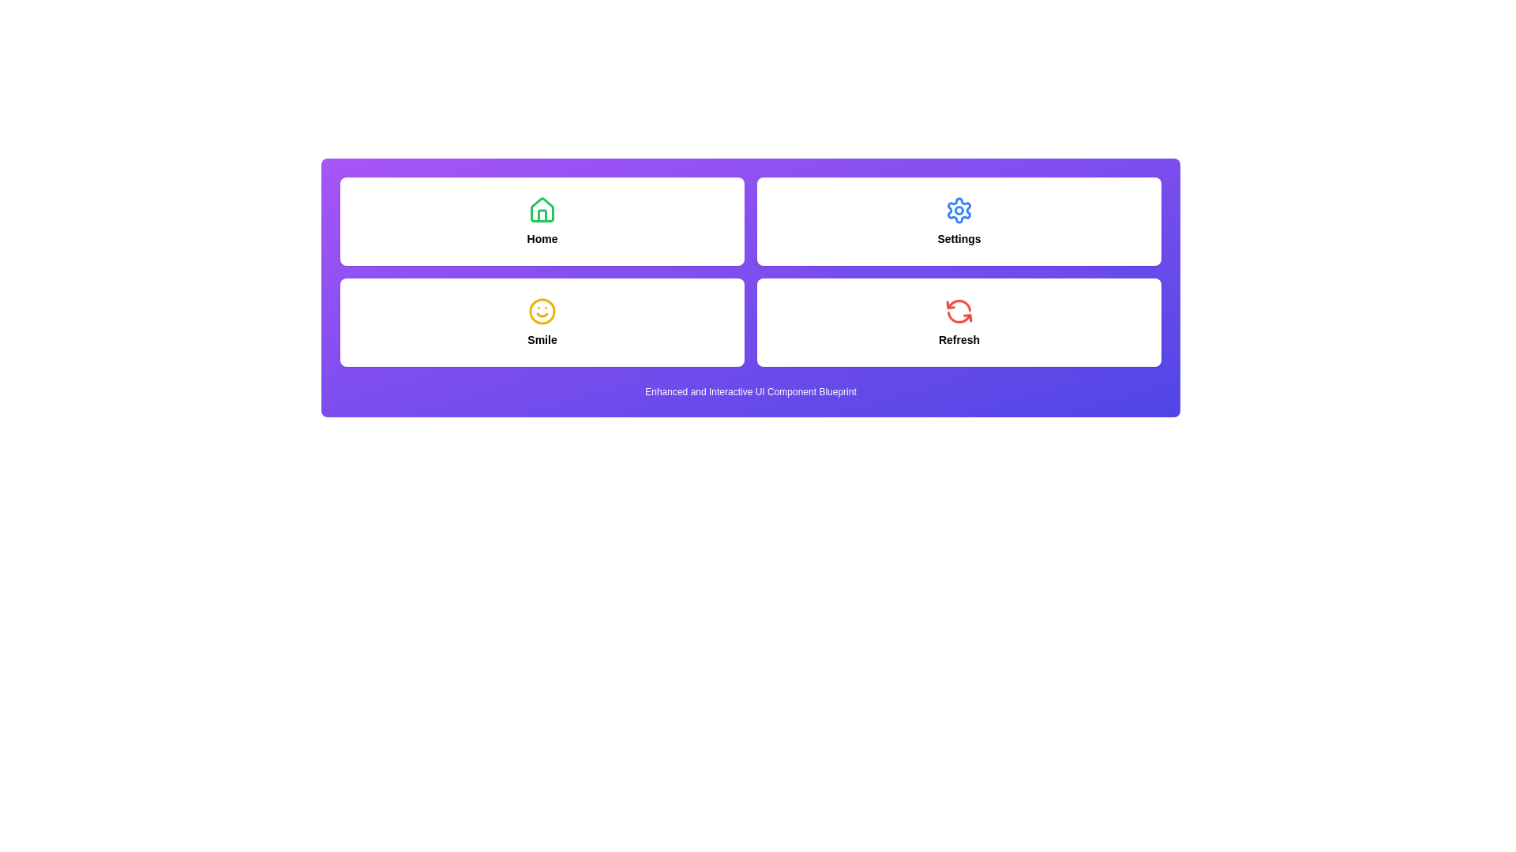 Image resolution: width=1516 pixels, height=852 pixels. What do you see at coordinates (958, 209) in the screenshot?
I see `the Decorative Graphic within the Settings icon, which contributes to its cogwheel representation and is located in the upper-right quadrant of the interface` at bounding box center [958, 209].